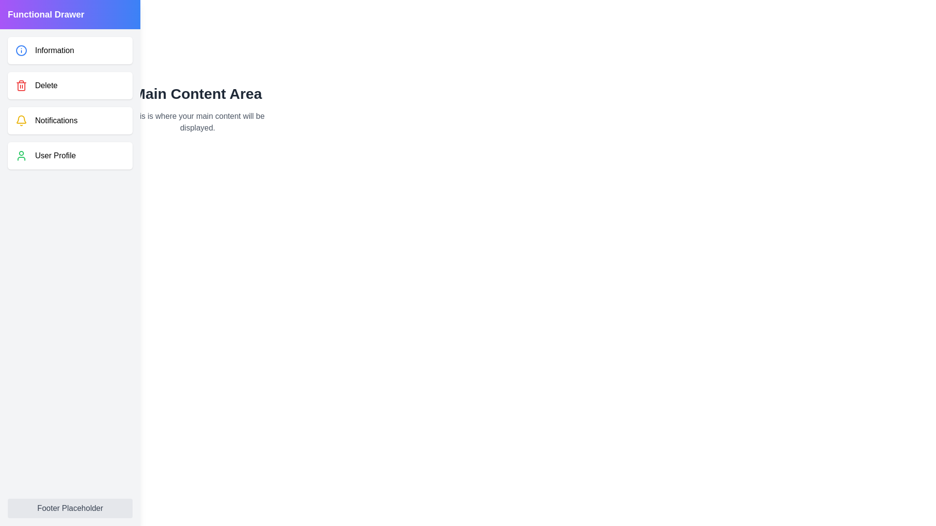 The width and height of the screenshot is (936, 526). I want to click on the notification bell icon in the sidebar menu that visually resembles a hollow bell with a yellow outline, indicating notification functionality, so click(21, 119).